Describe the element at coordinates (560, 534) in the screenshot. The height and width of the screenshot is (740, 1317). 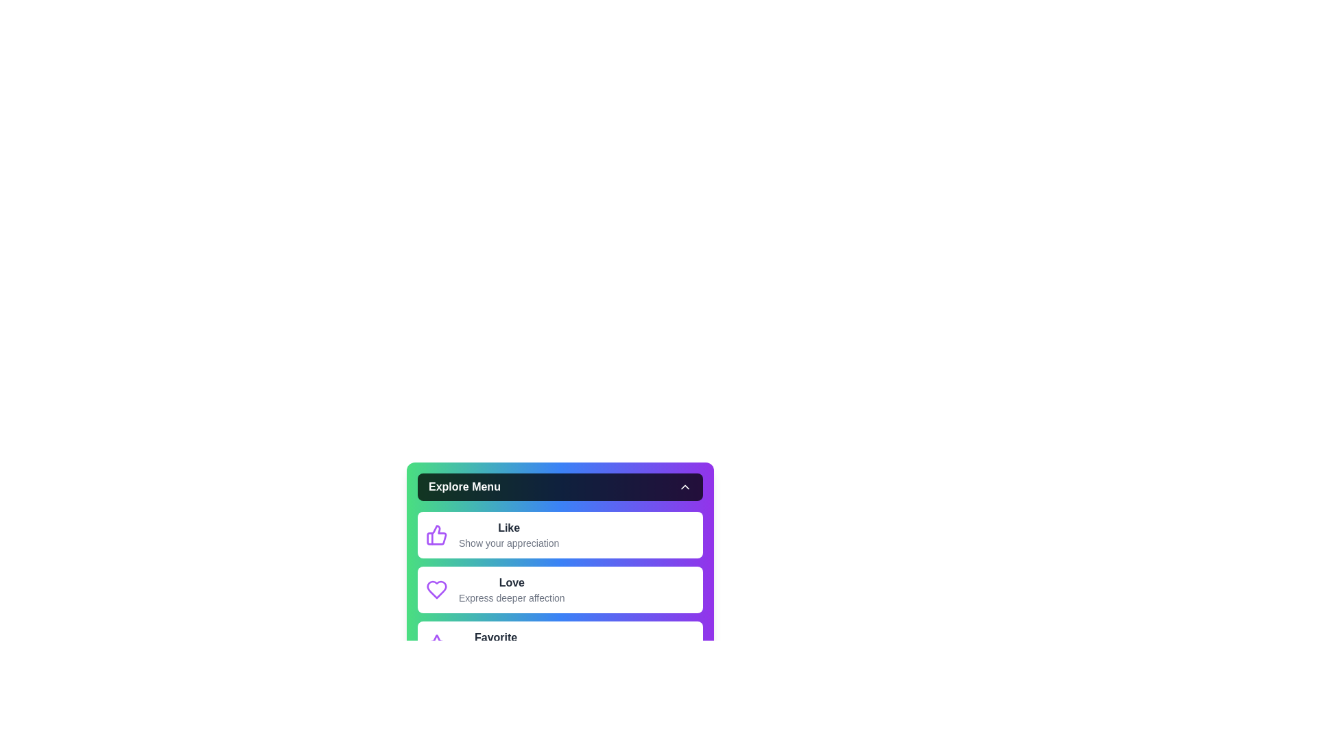
I see `the menu option Like to view its description` at that location.